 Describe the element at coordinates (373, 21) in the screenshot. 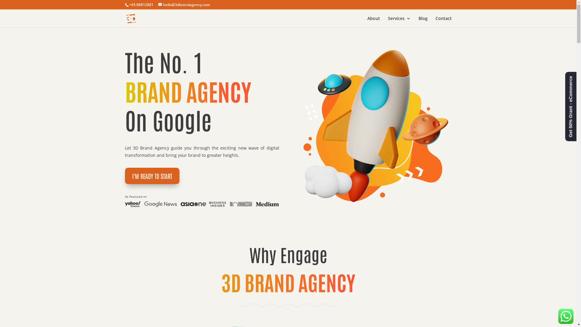

I see `'About'` at that location.